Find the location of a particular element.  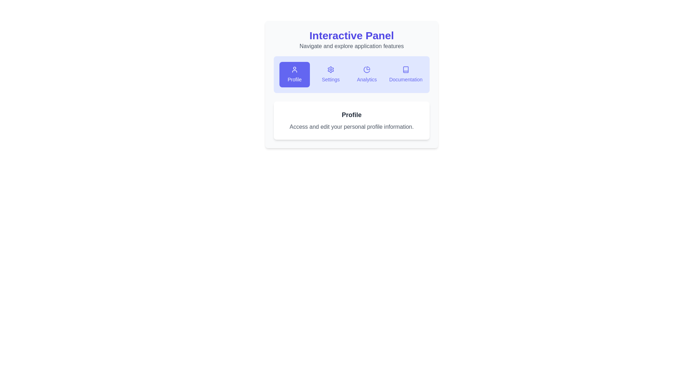

informational Text label located below the bold 'Profile' title in the white background card section labeled 'Profile' is located at coordinates (352, 126).